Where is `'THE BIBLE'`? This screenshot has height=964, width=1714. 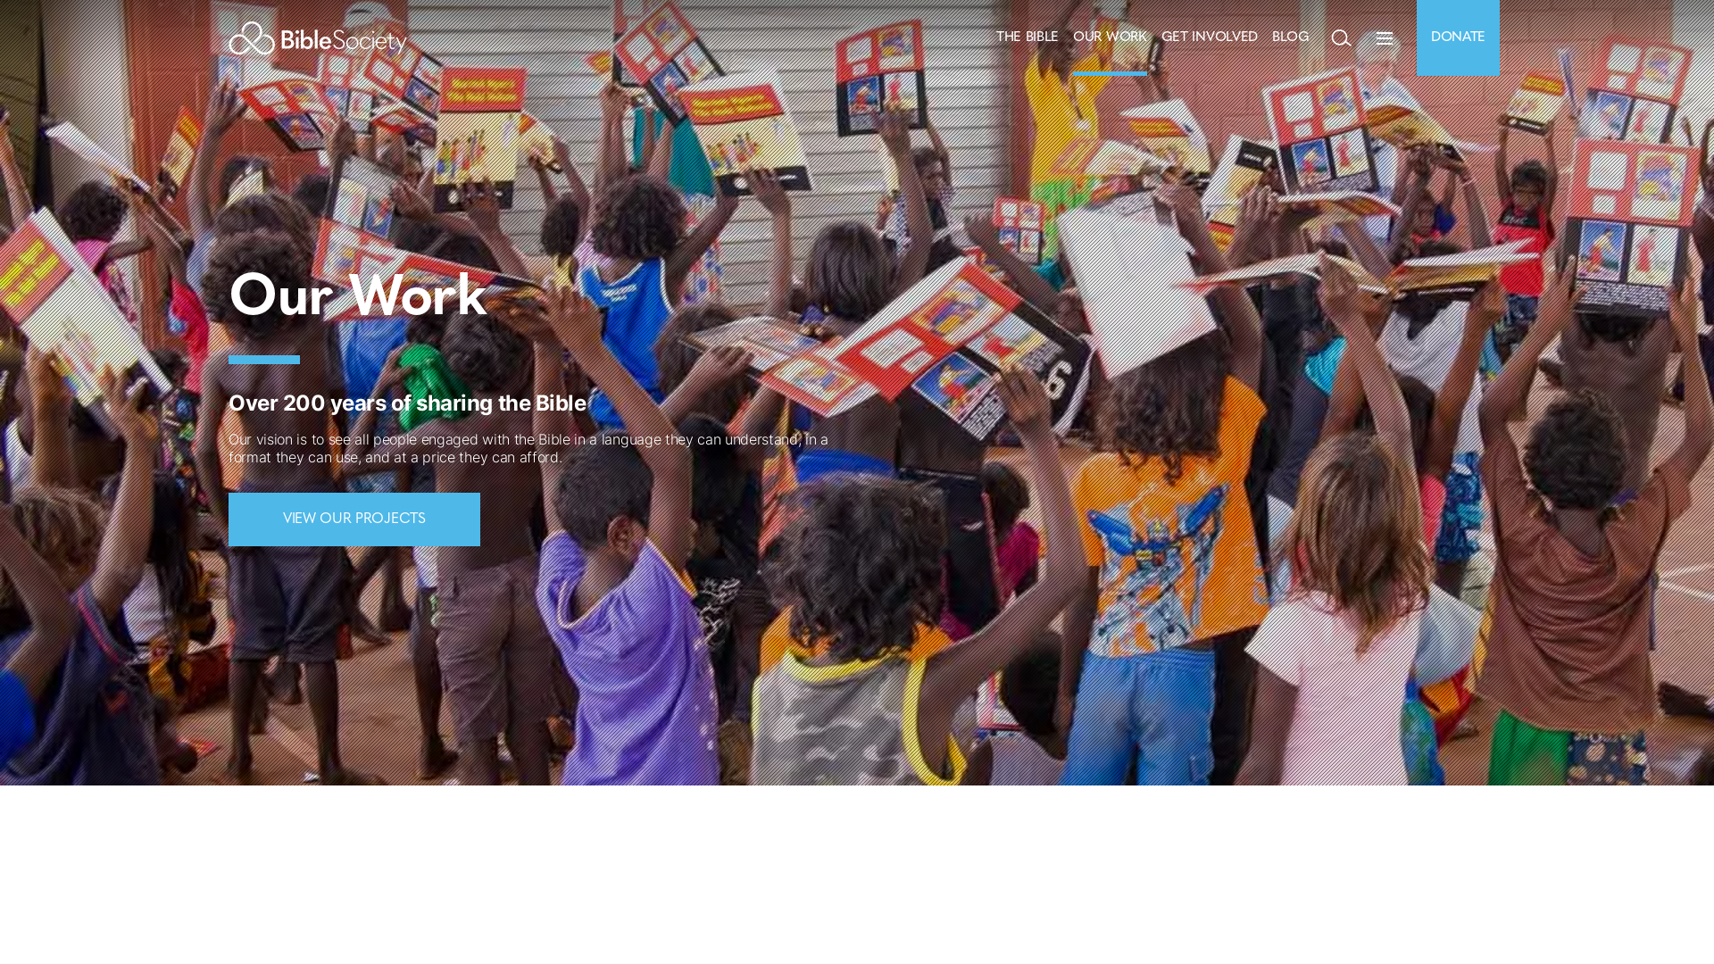
'THE BIBLE' is located at coordinates (1028, 37).